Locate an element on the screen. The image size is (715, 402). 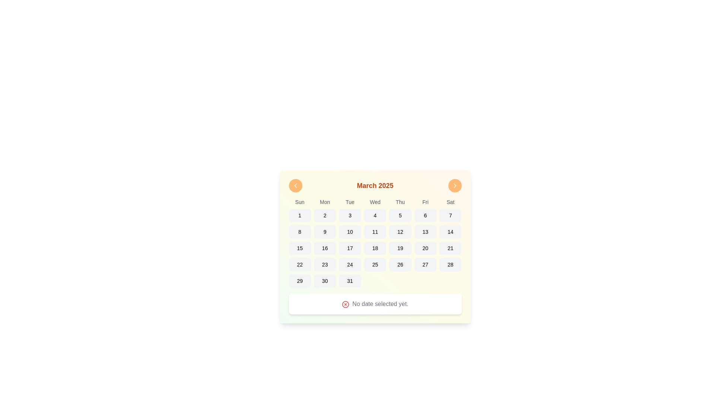
the icon in the top left corner of the calendar panel is located at coordinates (295, 185).